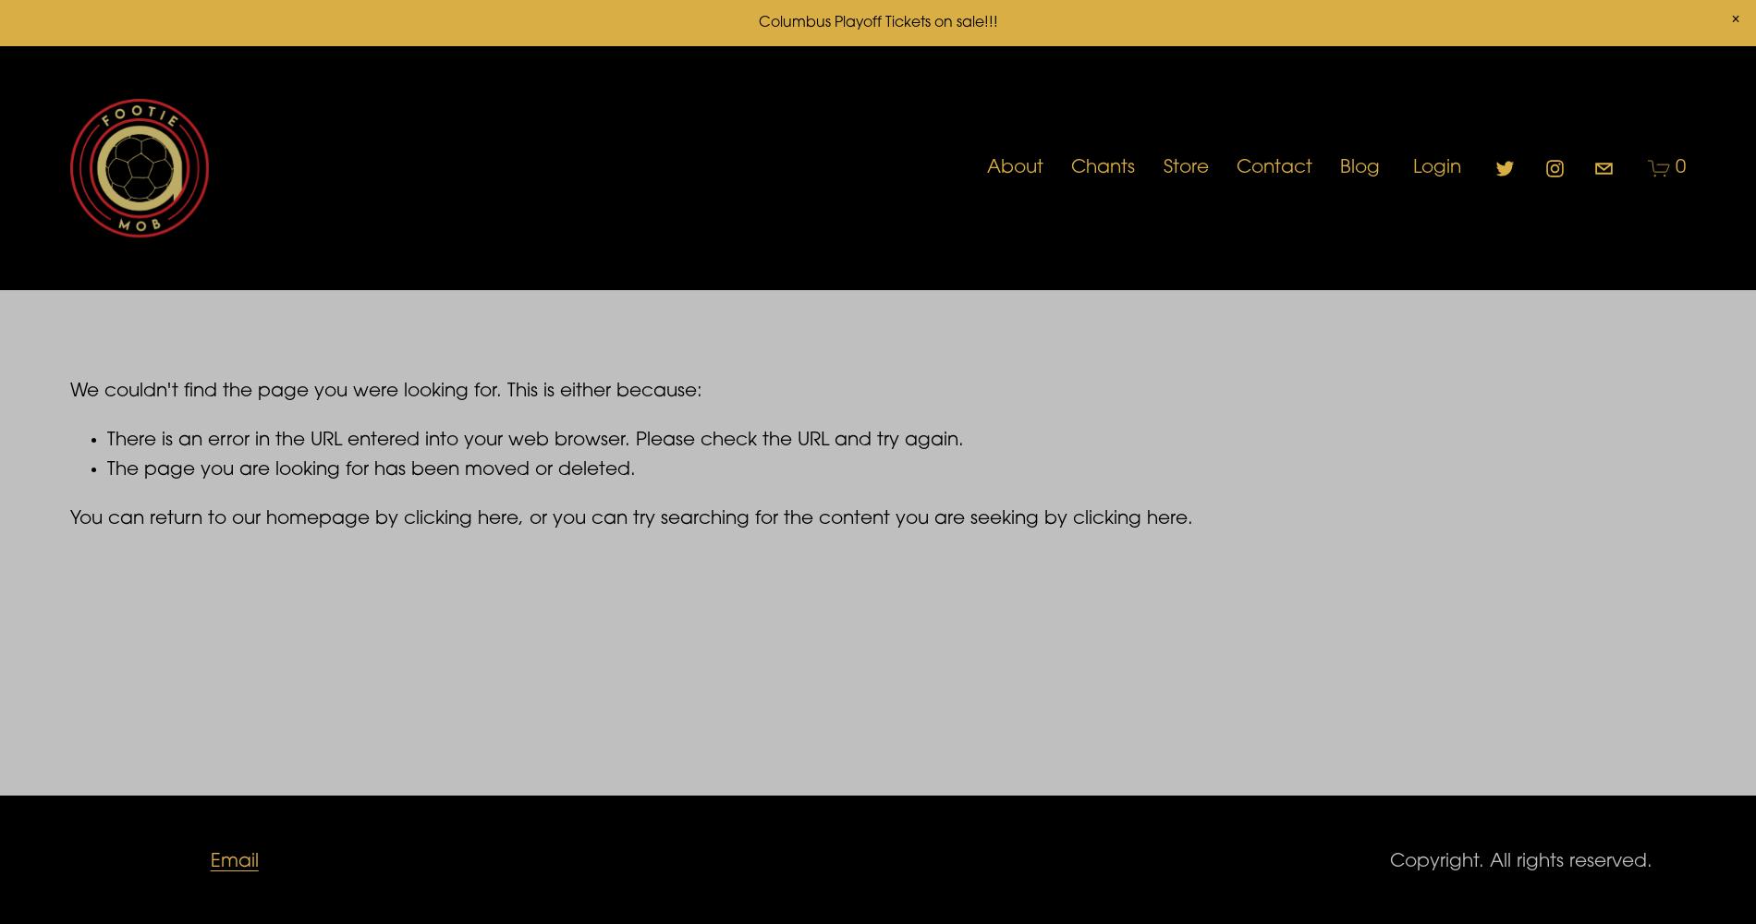  What do you see at coordinates (1679, 167) in the screenshot?
I see `'0'` at bounding box center [1679, 167].